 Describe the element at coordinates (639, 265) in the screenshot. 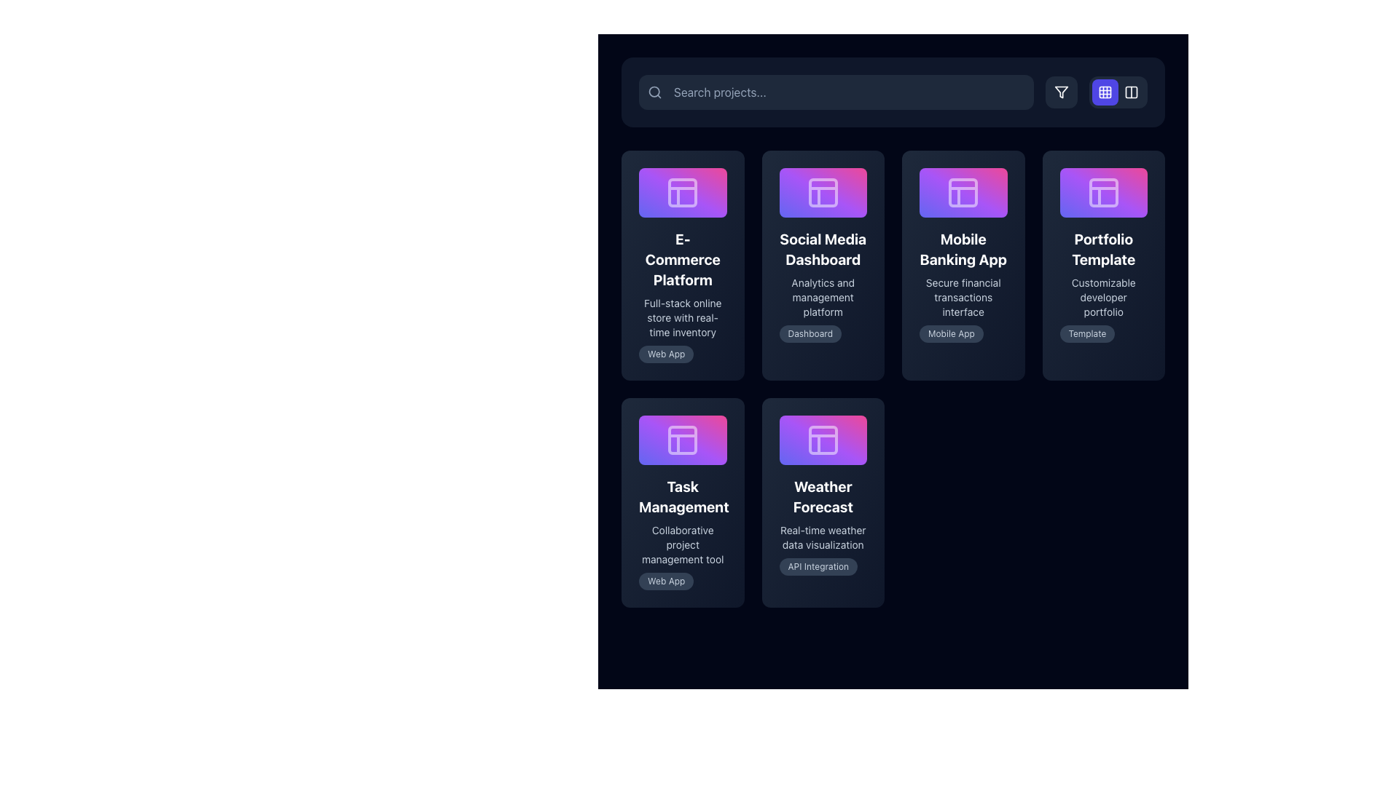

I see `the eye-shaped icon within the purple circular button at the top-left of the 'E-Commerce Platform' tile` at that location.